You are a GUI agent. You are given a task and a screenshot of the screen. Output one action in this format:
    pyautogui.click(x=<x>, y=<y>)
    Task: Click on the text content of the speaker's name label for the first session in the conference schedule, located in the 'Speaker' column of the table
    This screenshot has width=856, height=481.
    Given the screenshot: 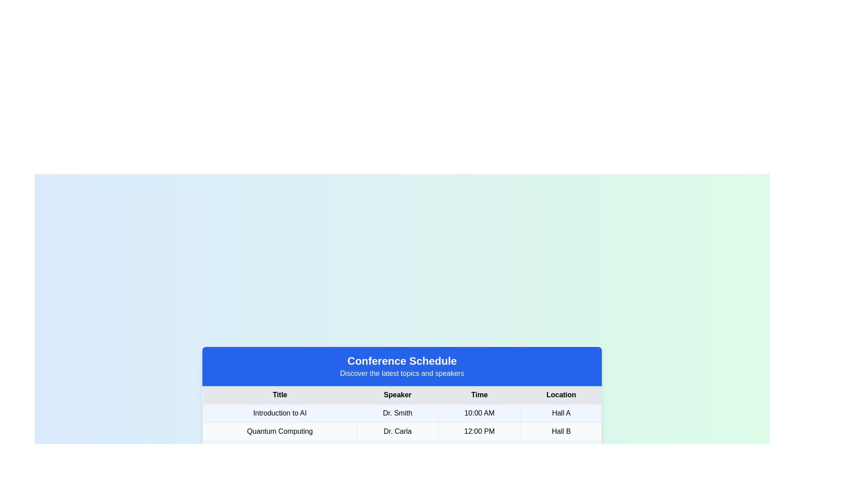 What is the action you would take?
    pyautogui.click(x=397, y=413)
    